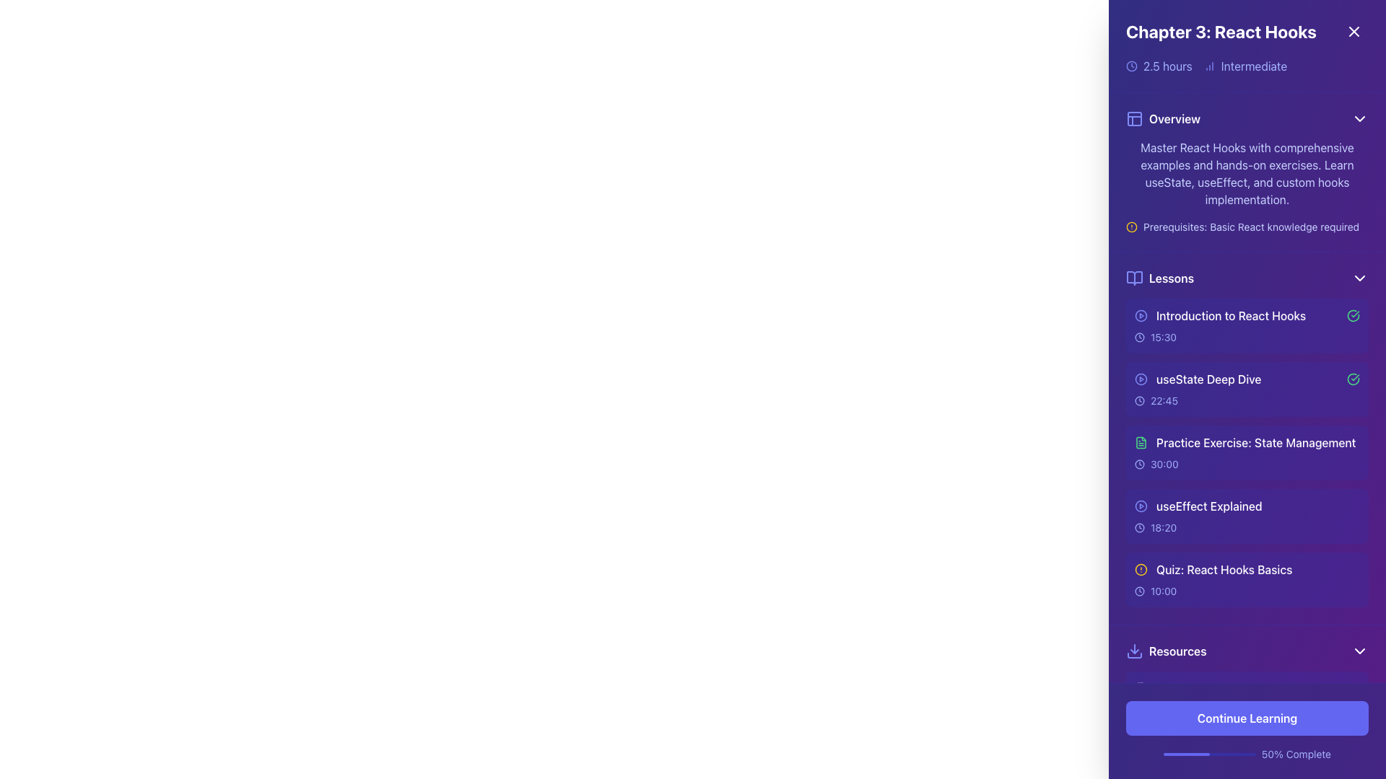 The image size is (1386, 779). Describe the element at coordinates (1160, 278) in the screenshot. I see `the Label with icon that features an open book icon and the text label 'Lessons', located in the sidebar's second section` at that location.